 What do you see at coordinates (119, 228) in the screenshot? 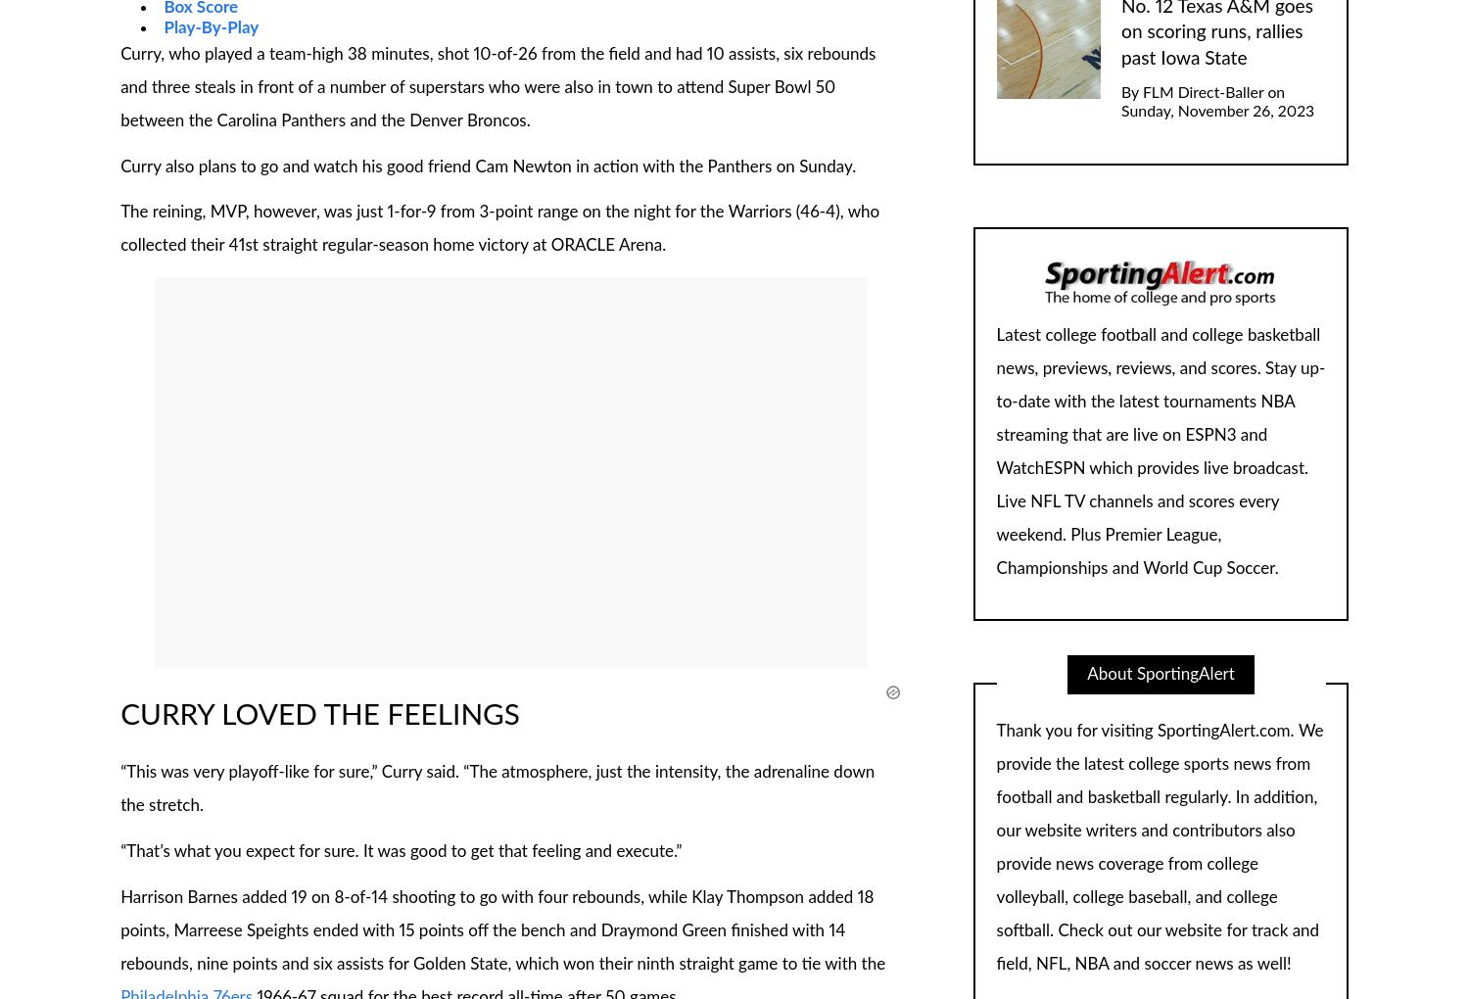
I see `'The reining, MVP, however, was just 1-for-9 from 3-point range on the night for the Warriors (46-4), who collected their 41st straight regular-season home victory at ORACLE Arena.'` at bounding box center [119, 228].